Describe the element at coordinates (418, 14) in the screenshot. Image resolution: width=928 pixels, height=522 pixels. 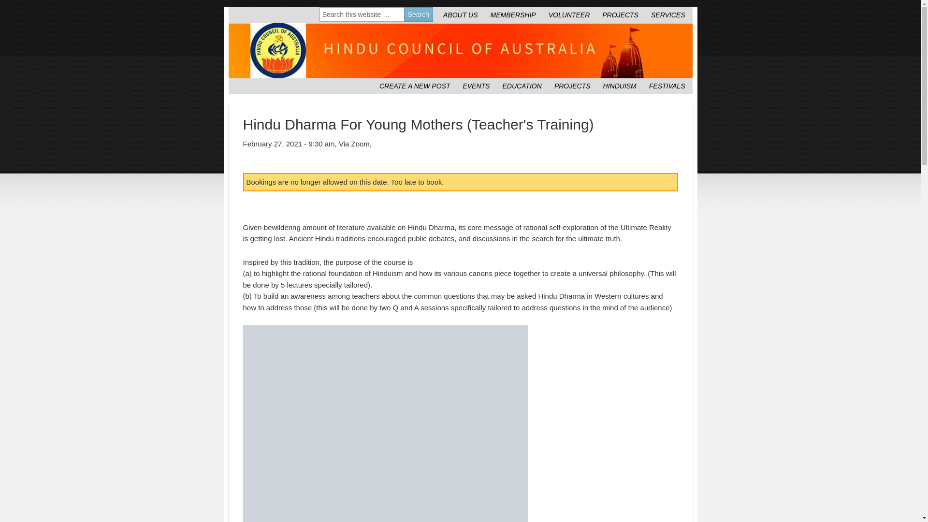
I see `'Search'` at that location.